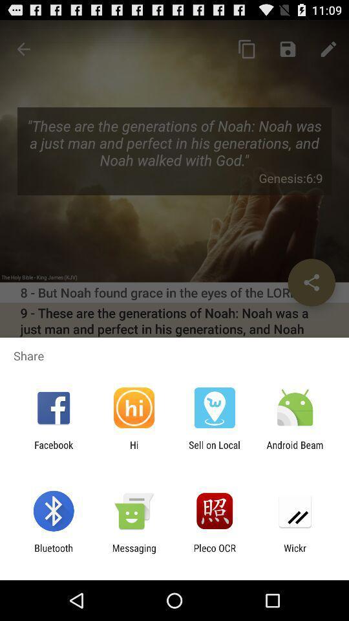 This screenshot has height=621, width=349. Describe the element at coordinates (53, 553) in the screenshot. I see `bluetooth item` at that location.